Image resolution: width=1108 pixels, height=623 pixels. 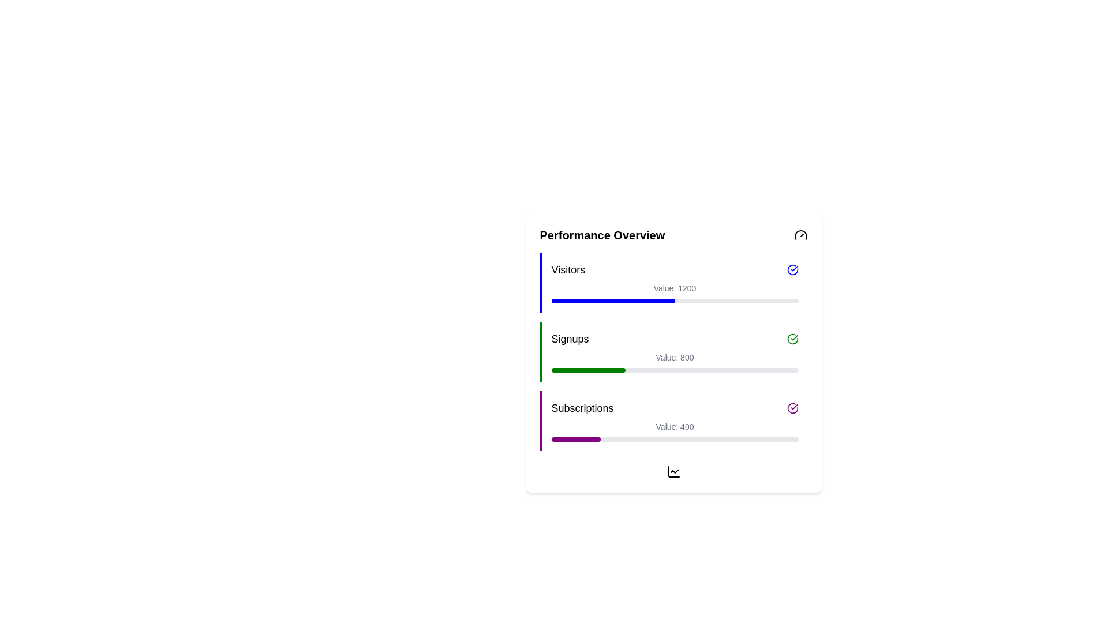 What do you see at coordinates (576, 440) in the screenshot?
I see `the progress value represented by the purple segment of the progress bar located in the 'Subscriptions' section of the performance overview panel` at bounding box center [576, 440].